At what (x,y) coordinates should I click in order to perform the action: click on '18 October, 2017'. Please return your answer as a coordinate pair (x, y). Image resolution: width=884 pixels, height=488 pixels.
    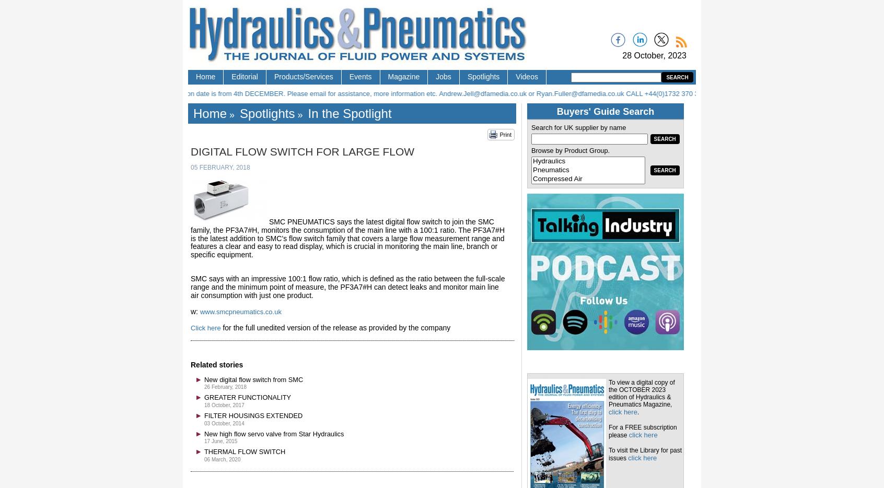
    Looking at the image, I should click on (223, 404).